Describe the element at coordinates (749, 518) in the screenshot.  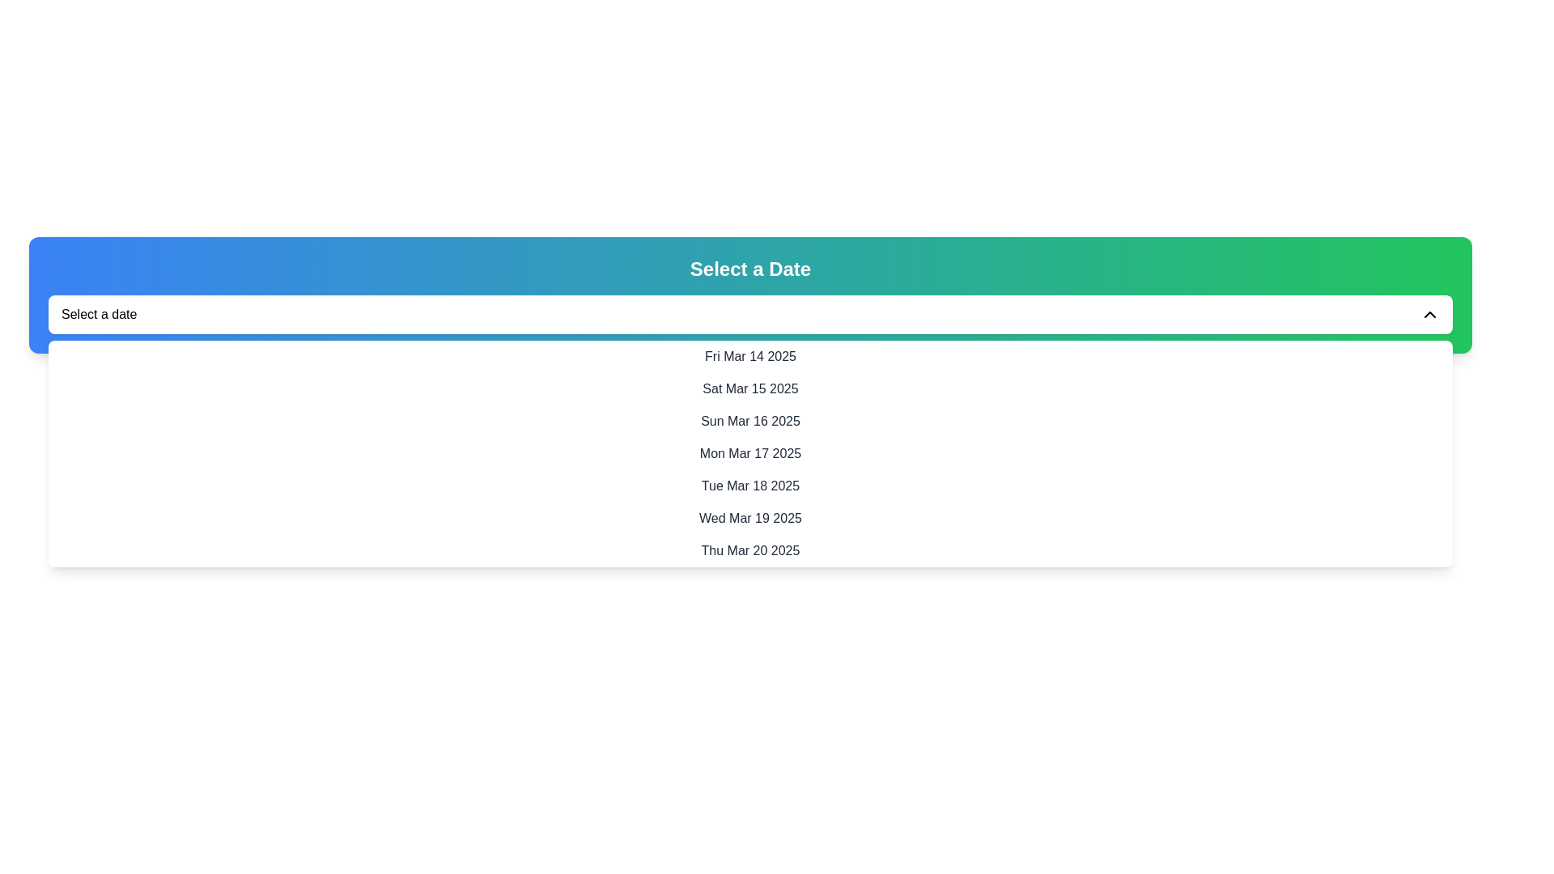
I see `the list item displaying the date 'Wed Mar 19 2025'` at that location.